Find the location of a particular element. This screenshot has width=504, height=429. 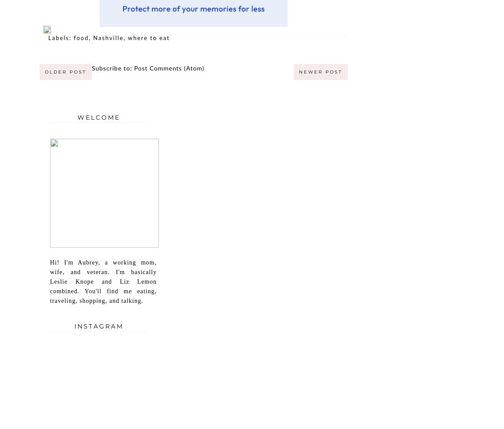

'Subscribe to:' is located at coordinates (112, 68).